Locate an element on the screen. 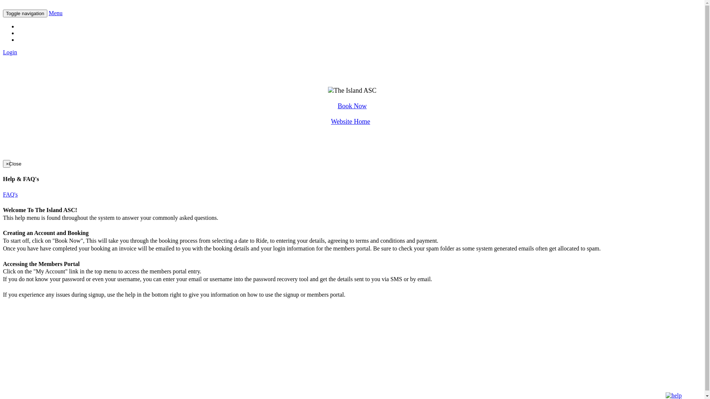  'Book Now' is located at coordinates (352, 106).